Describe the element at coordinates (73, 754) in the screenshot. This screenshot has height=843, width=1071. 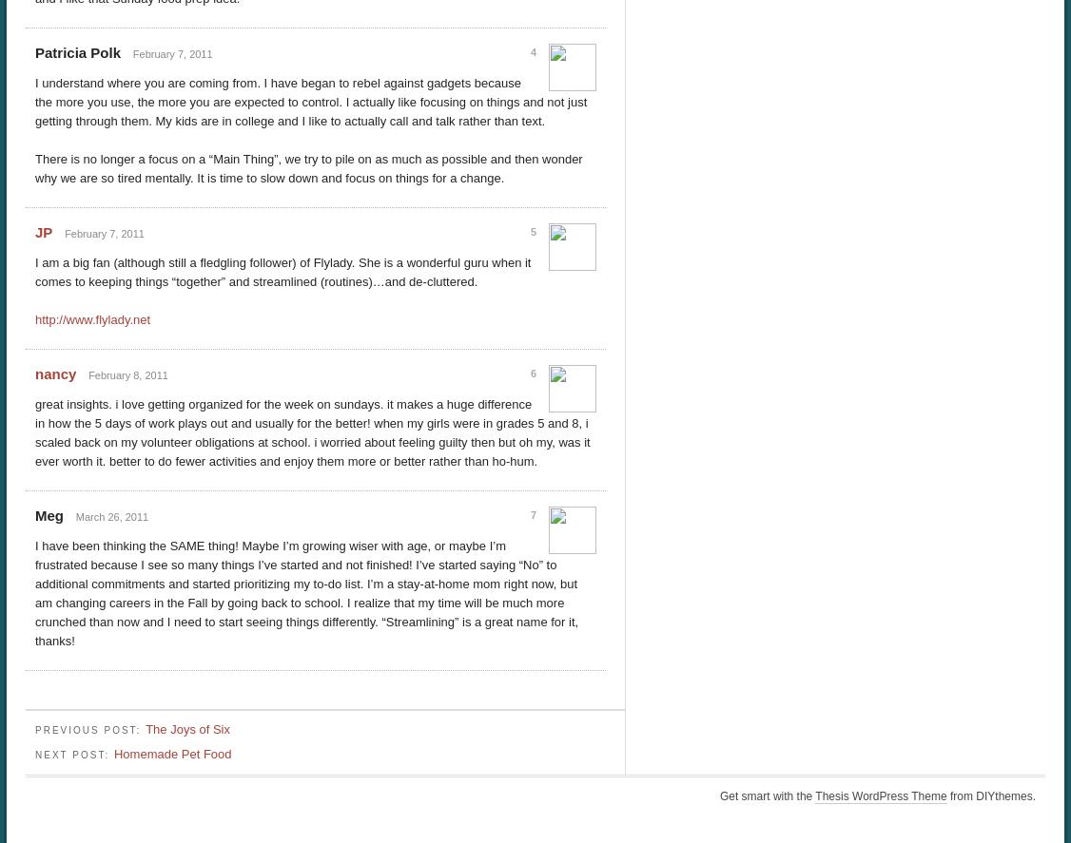
I see `'Next post:'` at that location.